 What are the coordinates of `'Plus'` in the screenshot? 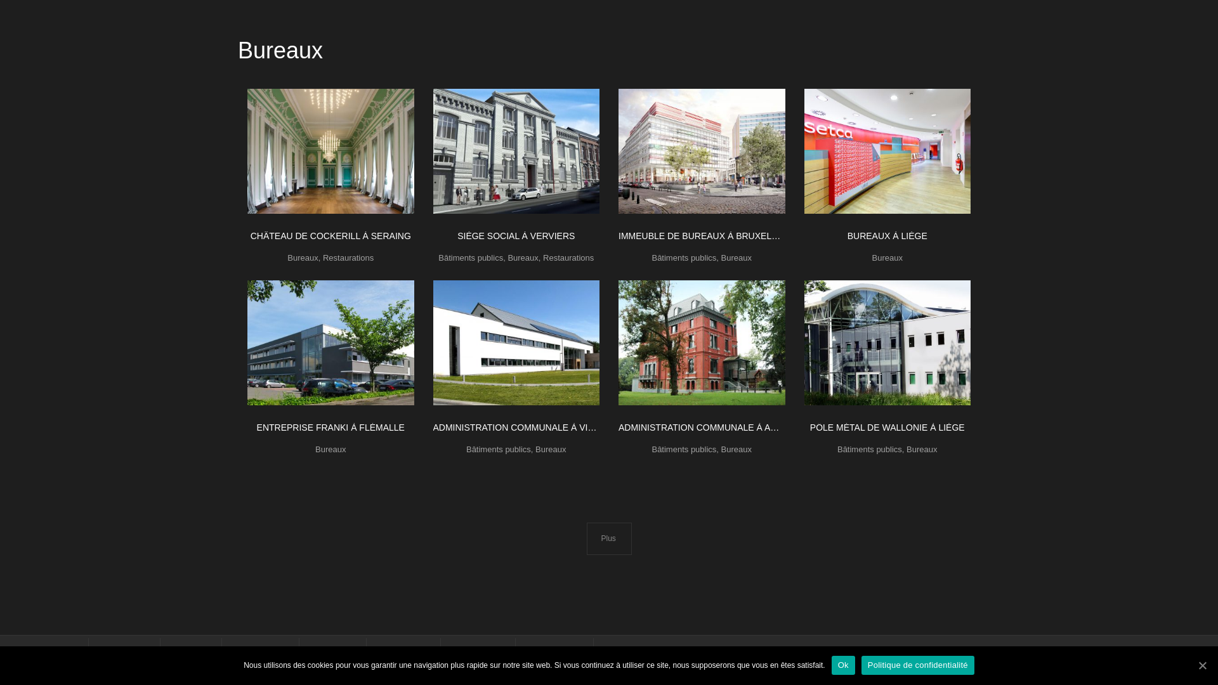 It's located at (608, 538).